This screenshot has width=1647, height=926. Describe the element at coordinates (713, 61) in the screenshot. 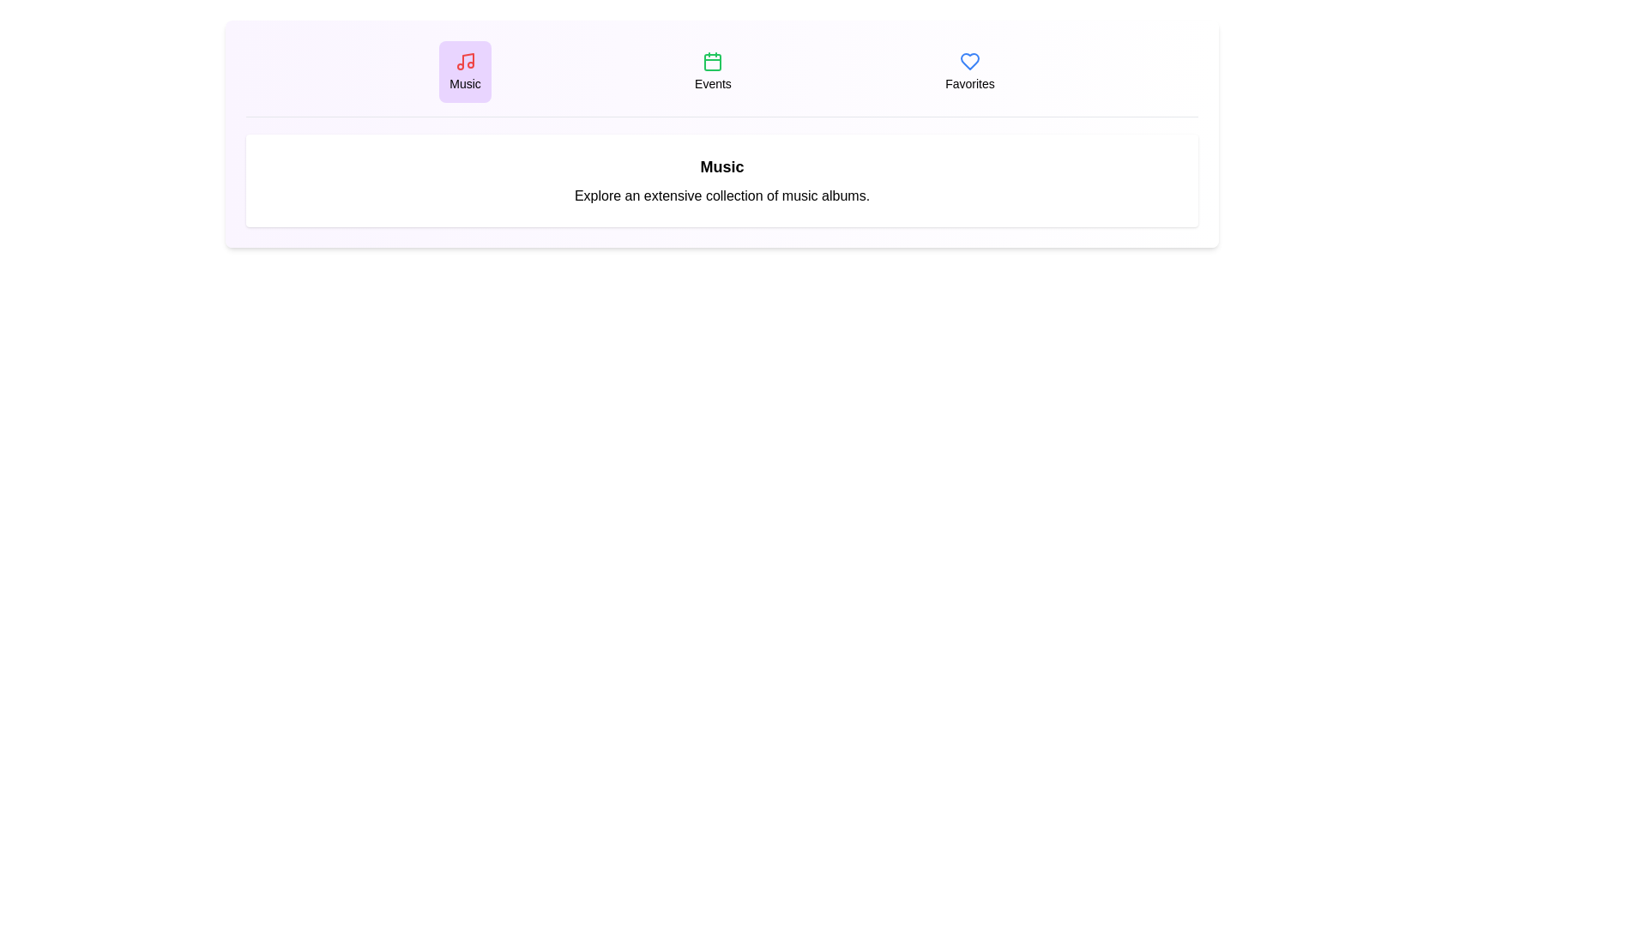

I see `the icon for the Events tab` at that location.